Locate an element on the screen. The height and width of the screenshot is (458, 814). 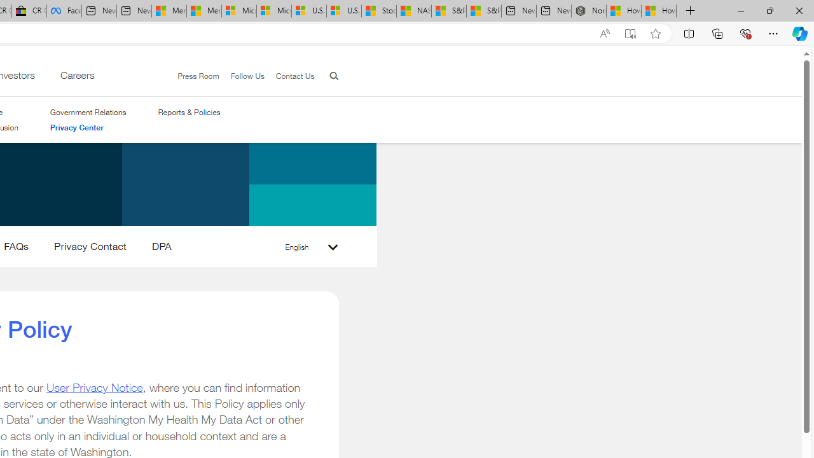
'Privacy Contact' is located at coordinates (89, 249).